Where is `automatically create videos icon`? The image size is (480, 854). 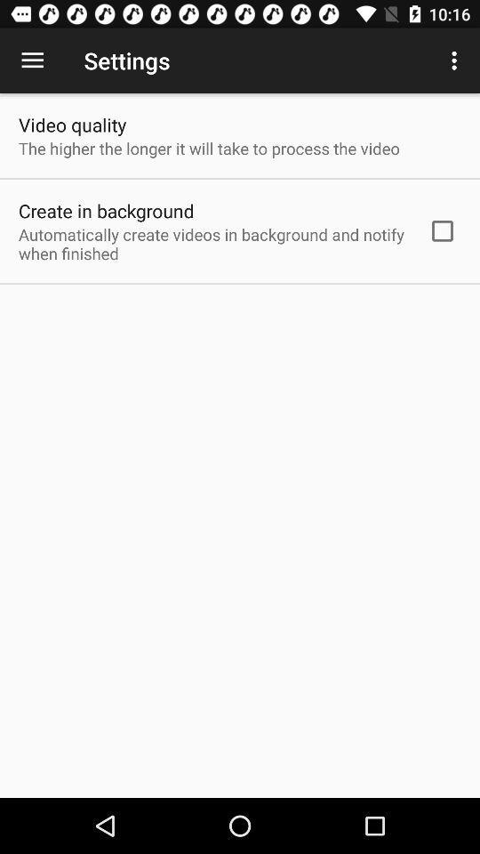 automatically create videos icon is located at coordinates (212, 243).